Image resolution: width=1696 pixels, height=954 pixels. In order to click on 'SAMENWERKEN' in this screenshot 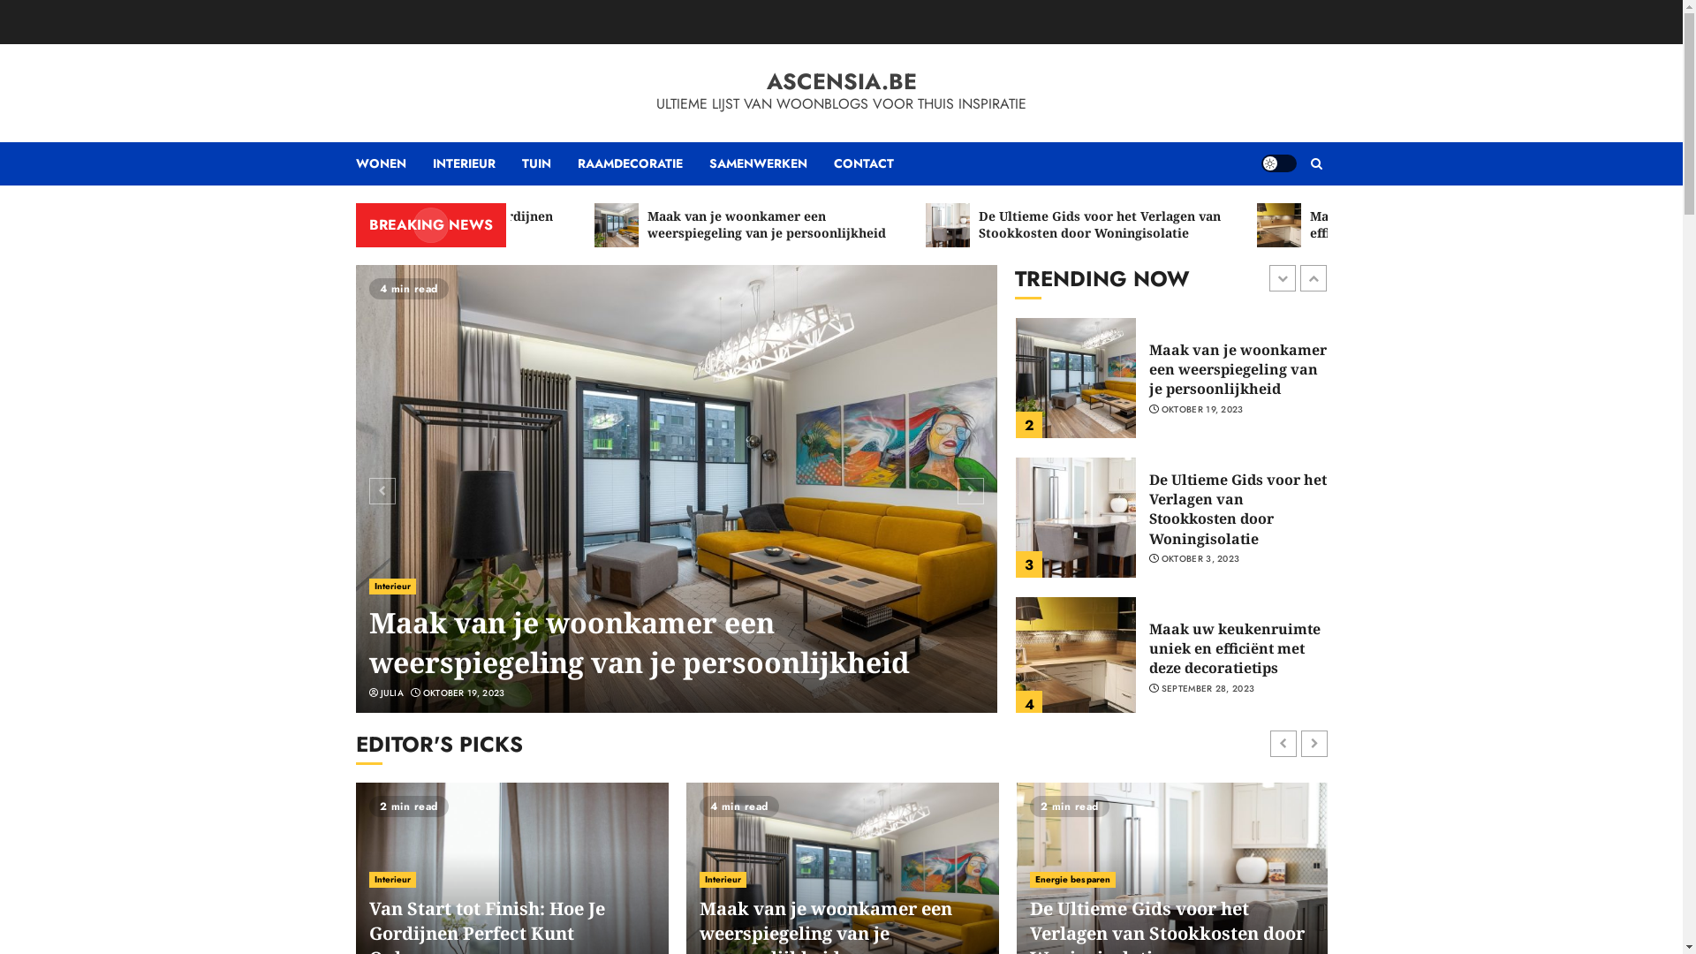, I will do `click(770, 163)`.